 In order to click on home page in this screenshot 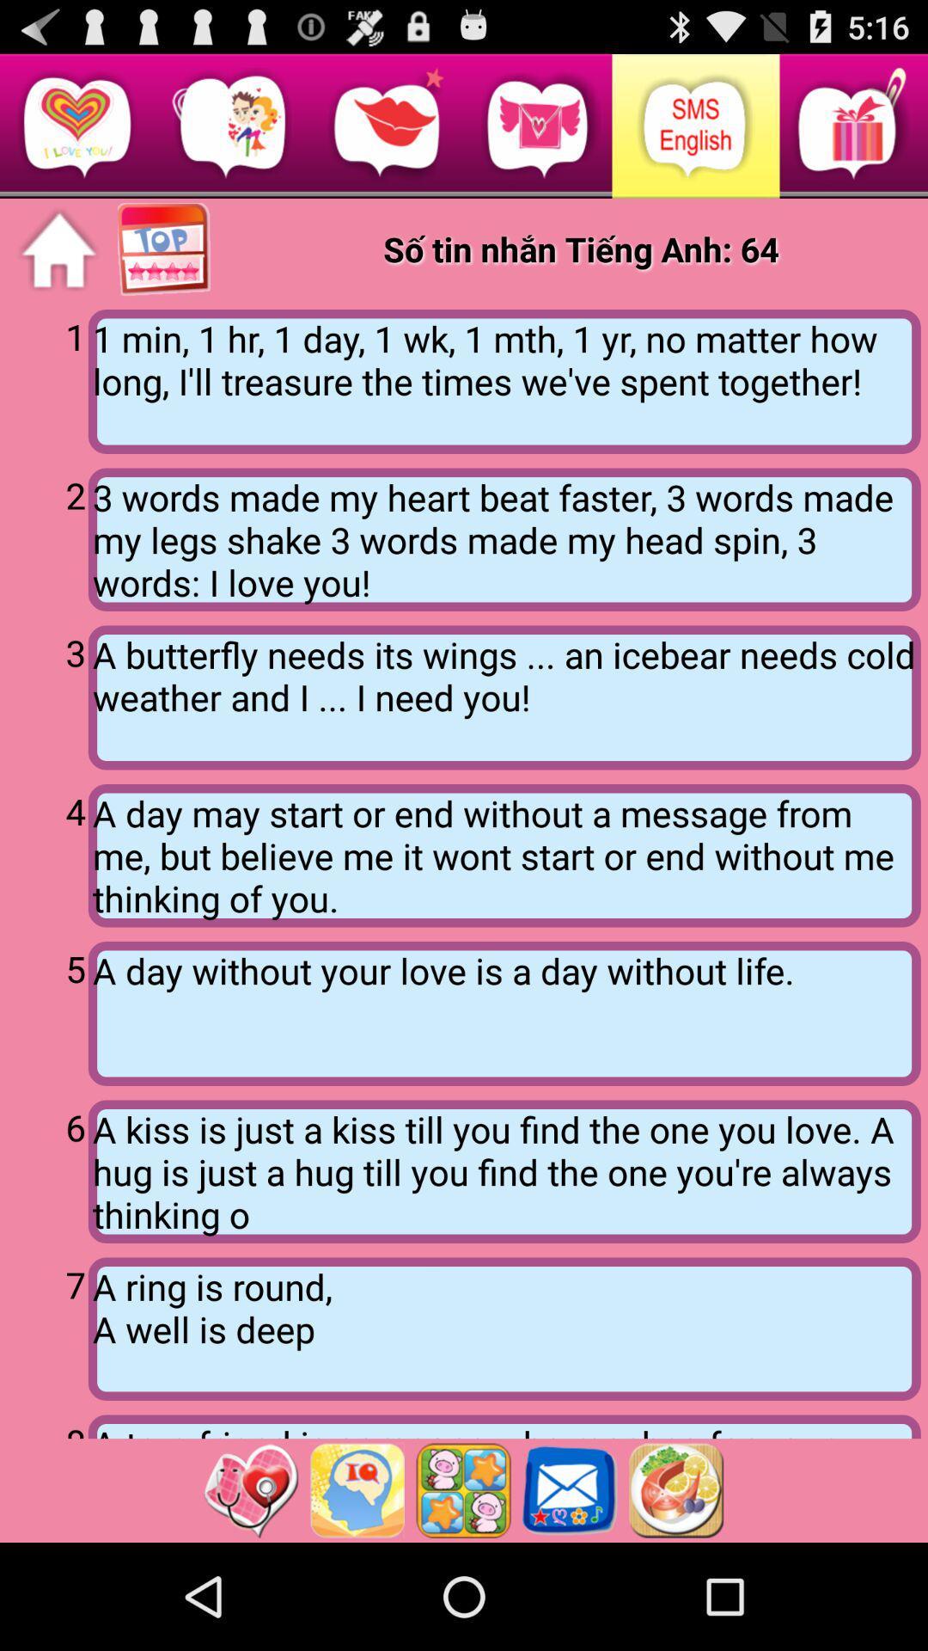, I will do `click(58, 249)`.